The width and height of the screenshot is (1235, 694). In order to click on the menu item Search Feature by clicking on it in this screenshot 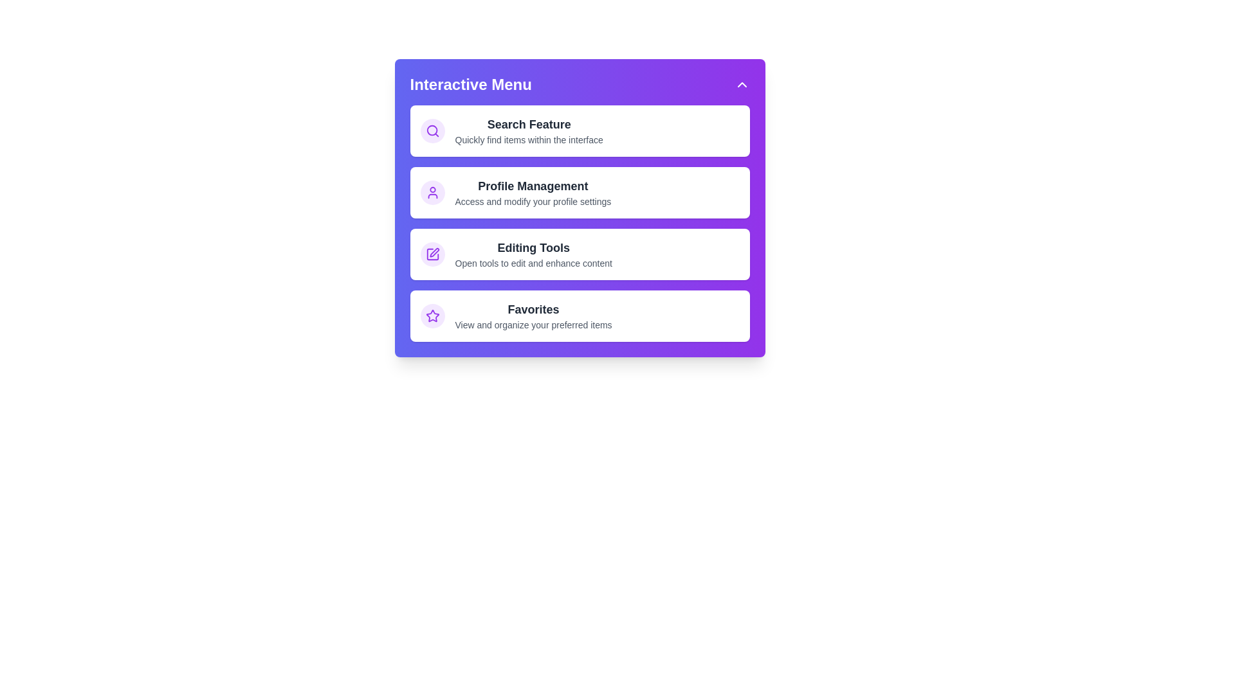, I will do `click(579, 131)`.